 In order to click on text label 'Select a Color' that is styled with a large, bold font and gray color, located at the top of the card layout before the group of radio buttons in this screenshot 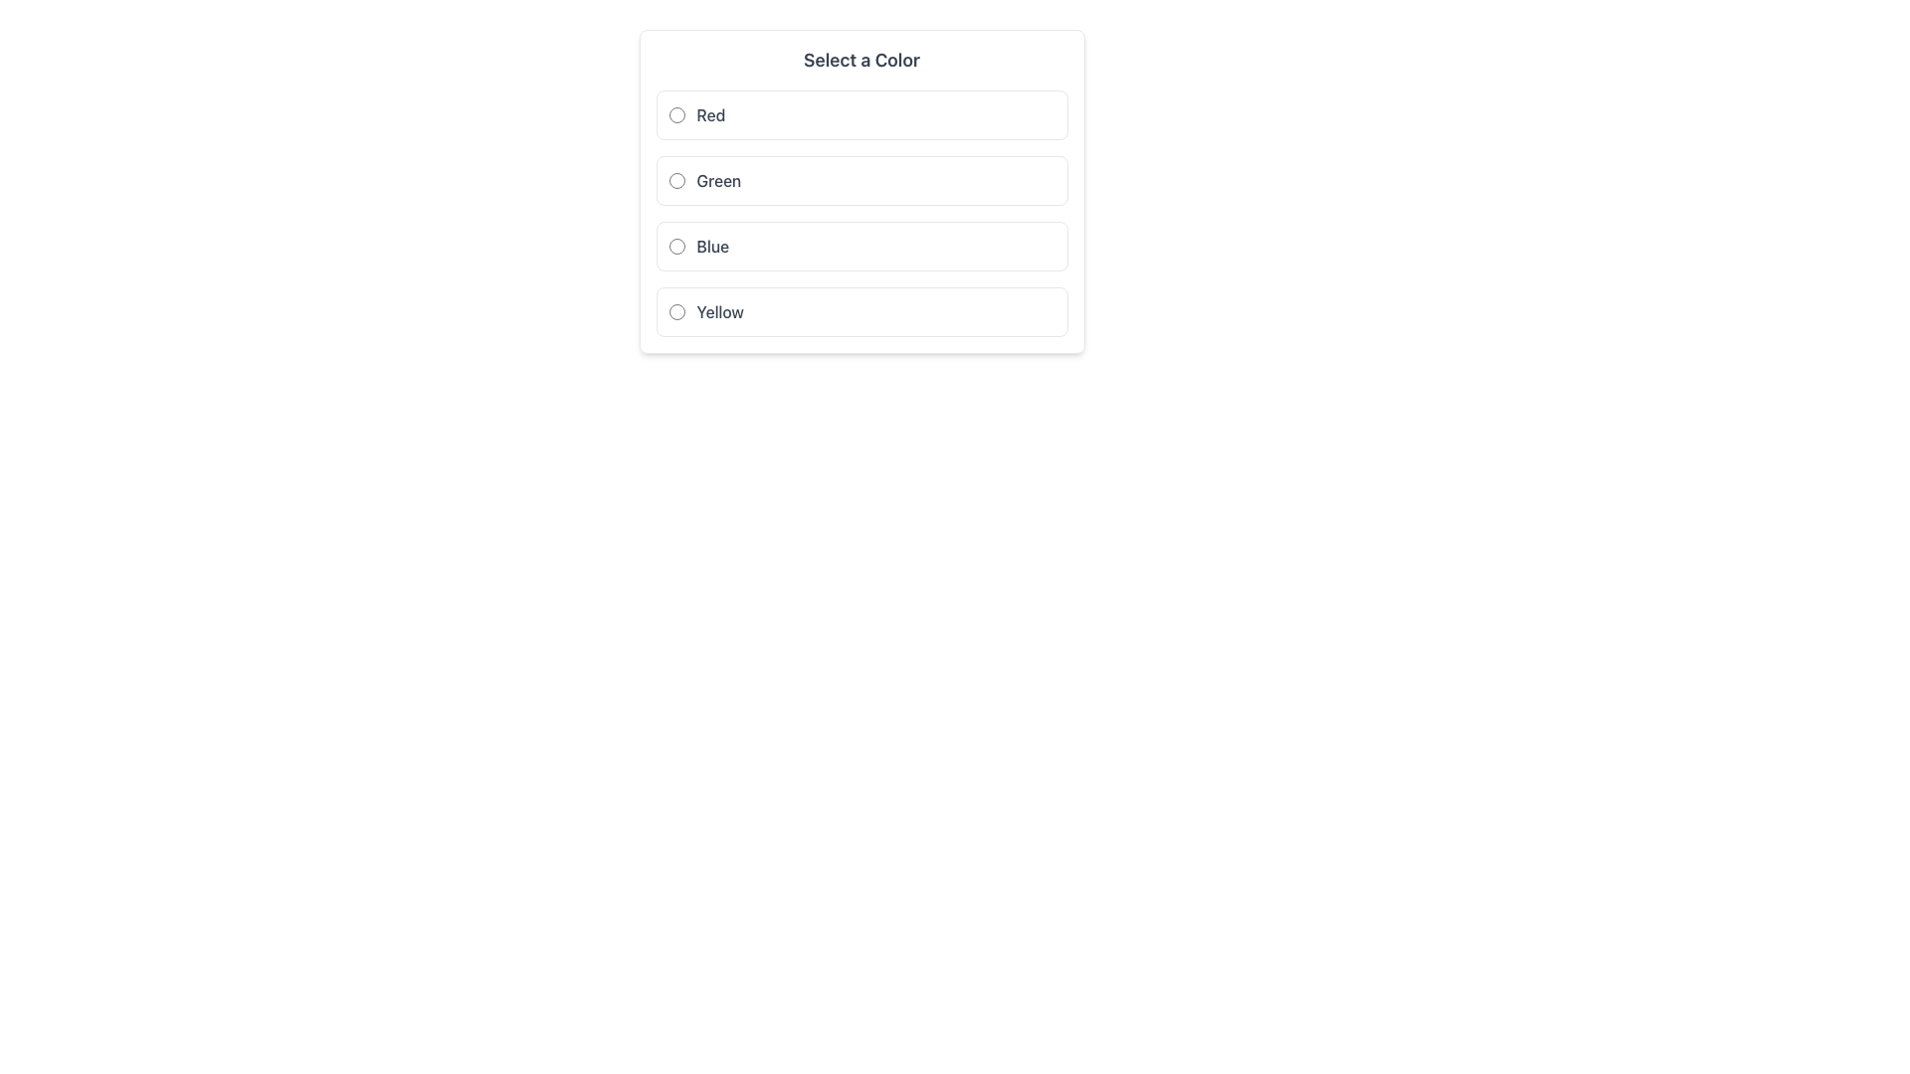, I will do `click(861, 60)`.